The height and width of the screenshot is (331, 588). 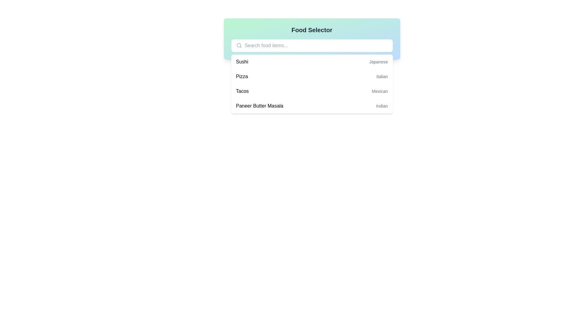 What do you see at coordinates (312, 45) in the screenshot?
I see `the search box input field located below the 'Food Selector' title to focus on it for typing keywords` at bounding box center [312, 45].